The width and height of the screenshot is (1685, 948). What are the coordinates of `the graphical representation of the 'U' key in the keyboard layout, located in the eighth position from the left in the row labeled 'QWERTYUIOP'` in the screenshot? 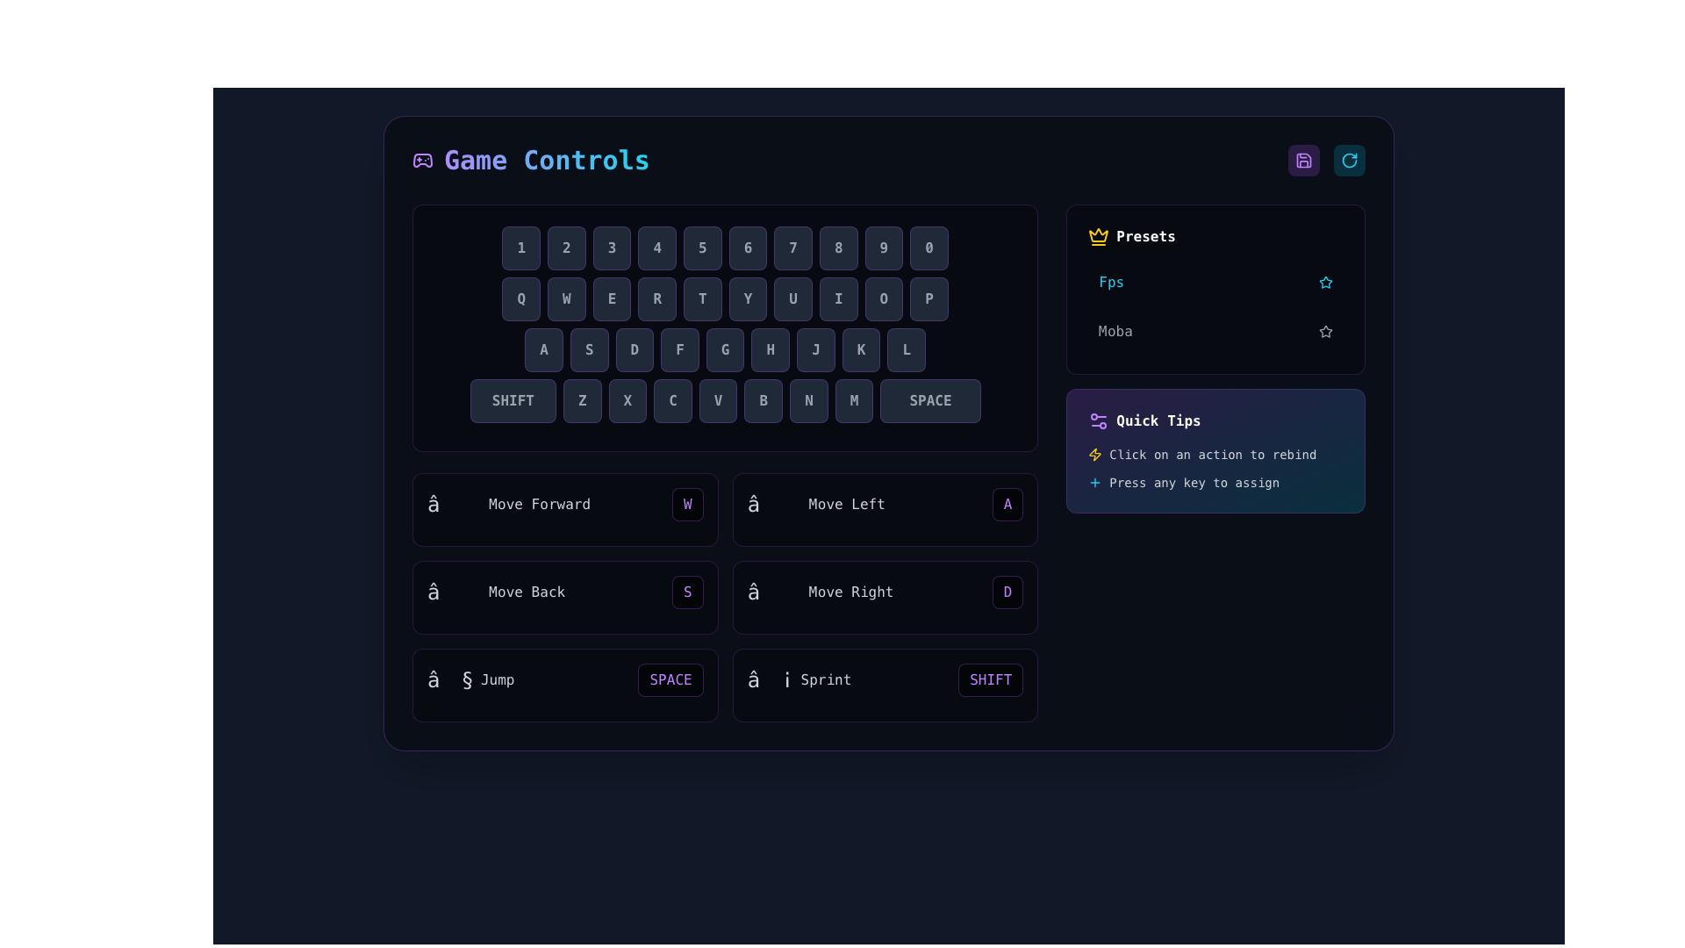 It's located at (792, 298).